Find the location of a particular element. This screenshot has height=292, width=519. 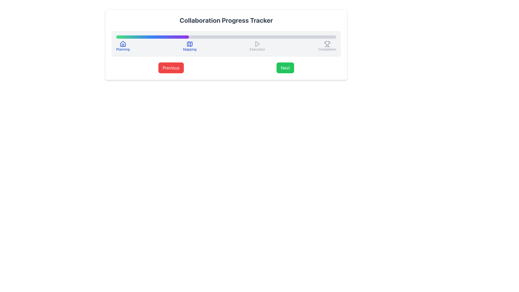

the left navigation button located below the 'Collaboration Progress Tracker' is located at coordinates (171, 67).